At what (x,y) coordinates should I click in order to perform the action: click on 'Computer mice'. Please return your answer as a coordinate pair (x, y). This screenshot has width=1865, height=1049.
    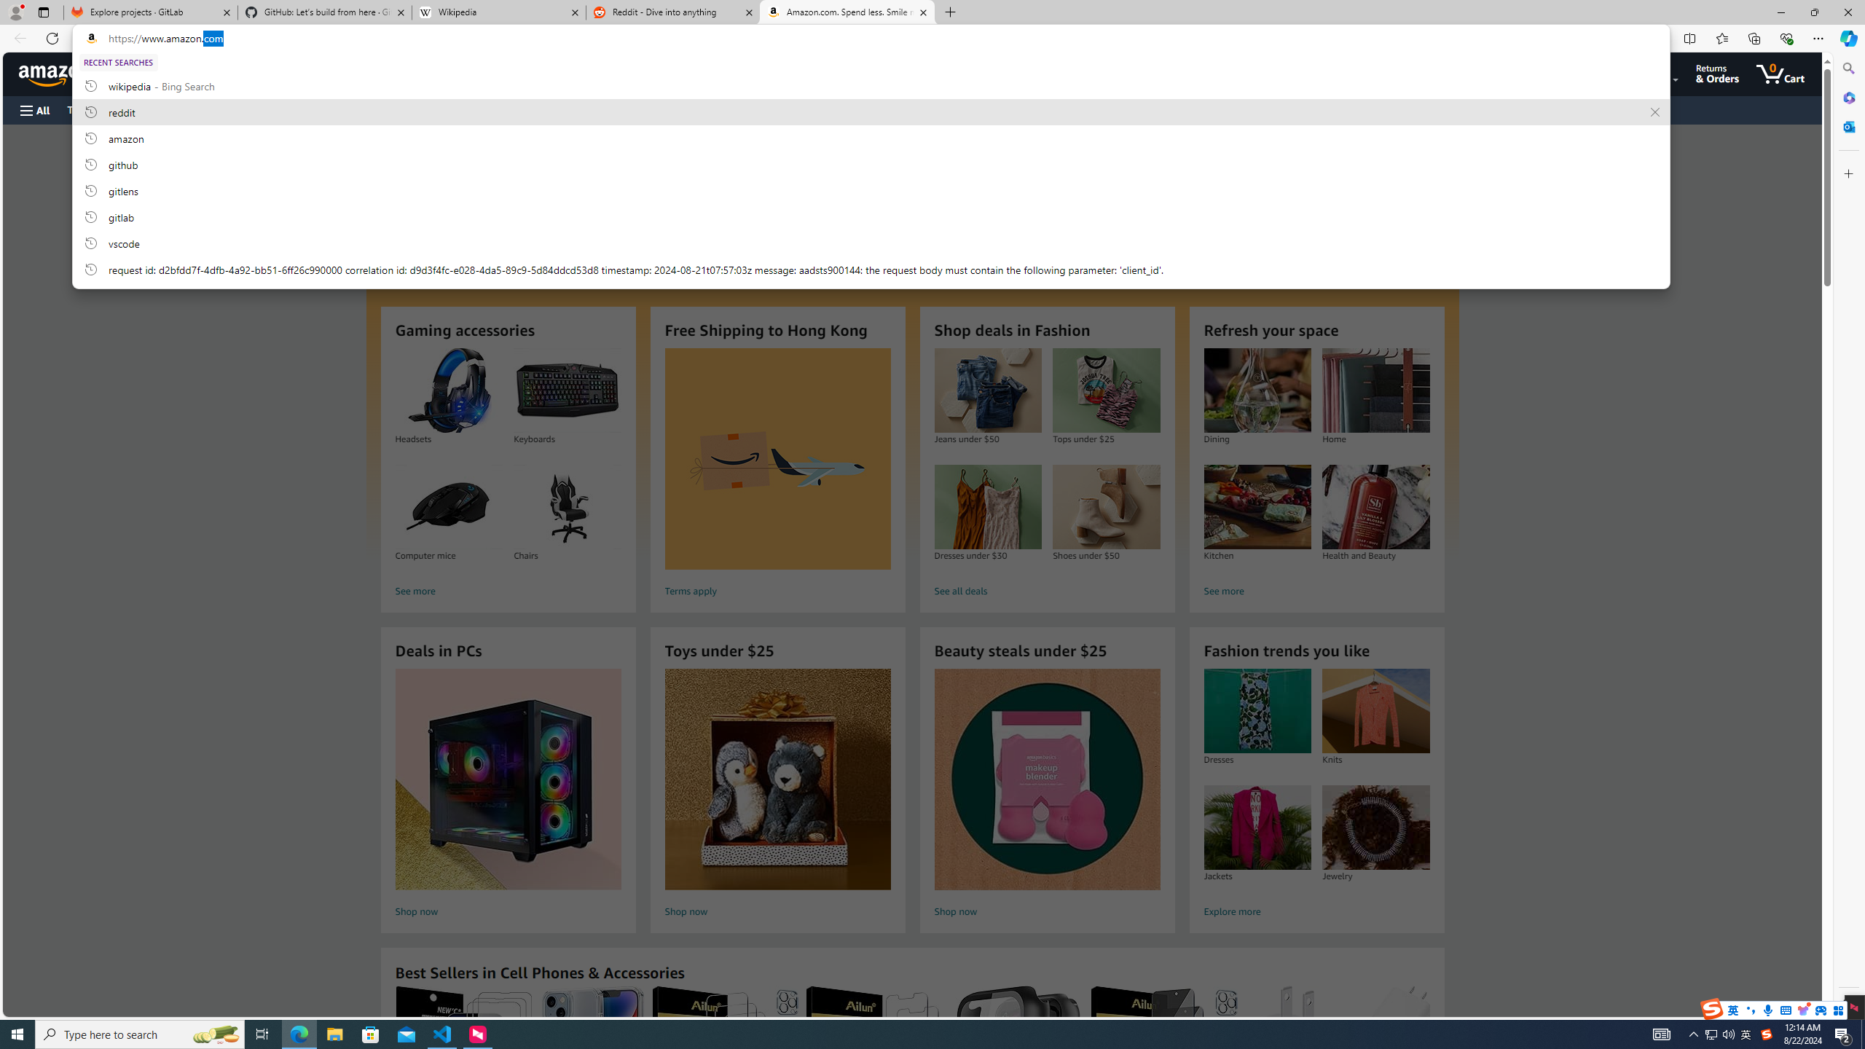
    Looking at the image, I should click on (448, 507).